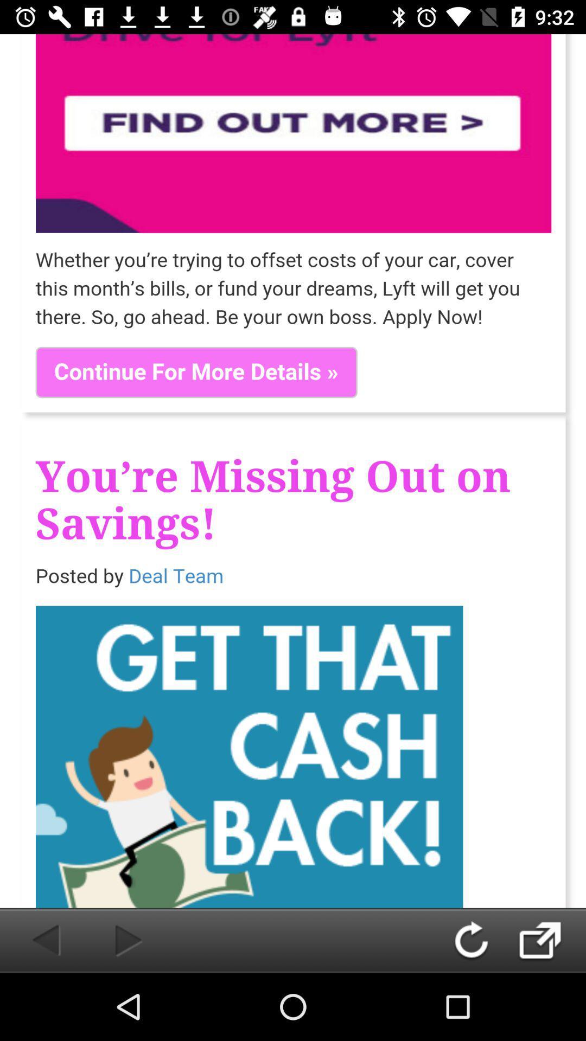  I want to click on the arrow_backward icon, so click(34, 940).